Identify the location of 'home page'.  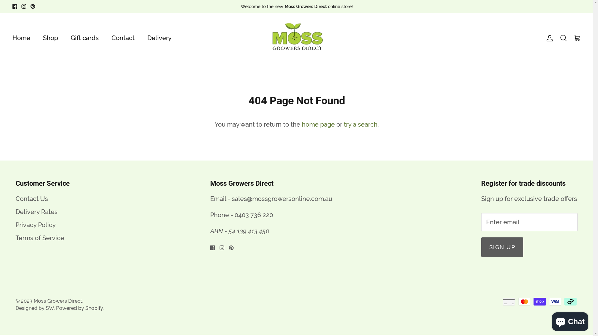
(318, 124).